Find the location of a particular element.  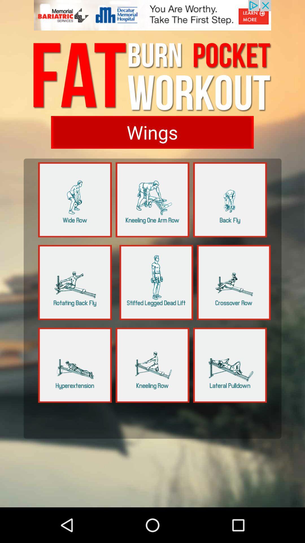

open page is located at coordinates (230, 365).